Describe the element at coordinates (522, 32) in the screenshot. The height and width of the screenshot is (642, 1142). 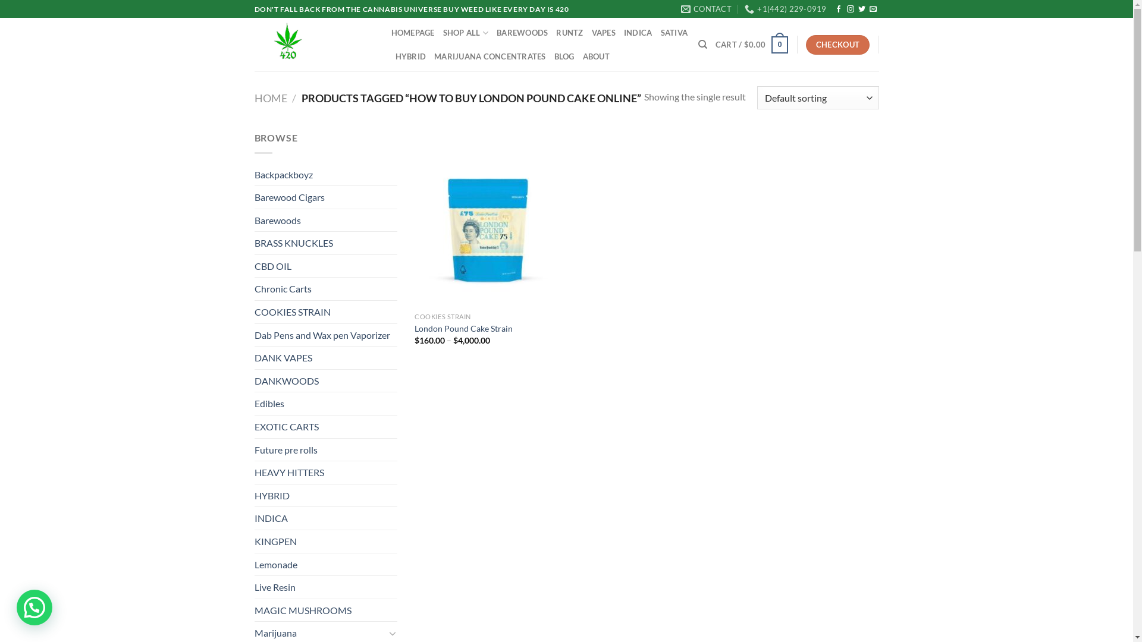
I see `'BAREWOODS'` at that location.